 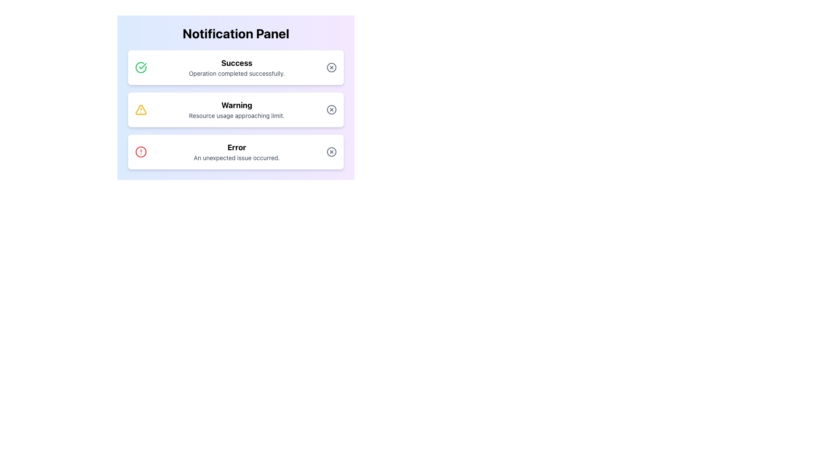 What do you see at coordinates (237, 109) in the screenshot?
I see `the two-line textual display that shows 'Warning' in bold and 'Resource usage approaching limit.' in smaller gray font, centrally aligned within the middle notification card` at bounding box center [237, 109].